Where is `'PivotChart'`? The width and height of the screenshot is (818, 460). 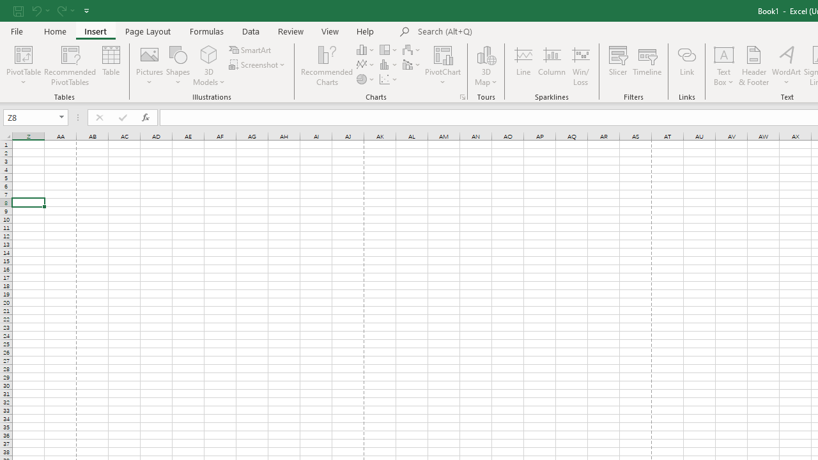 'PivotChart' is located at coordinates (443, 66).